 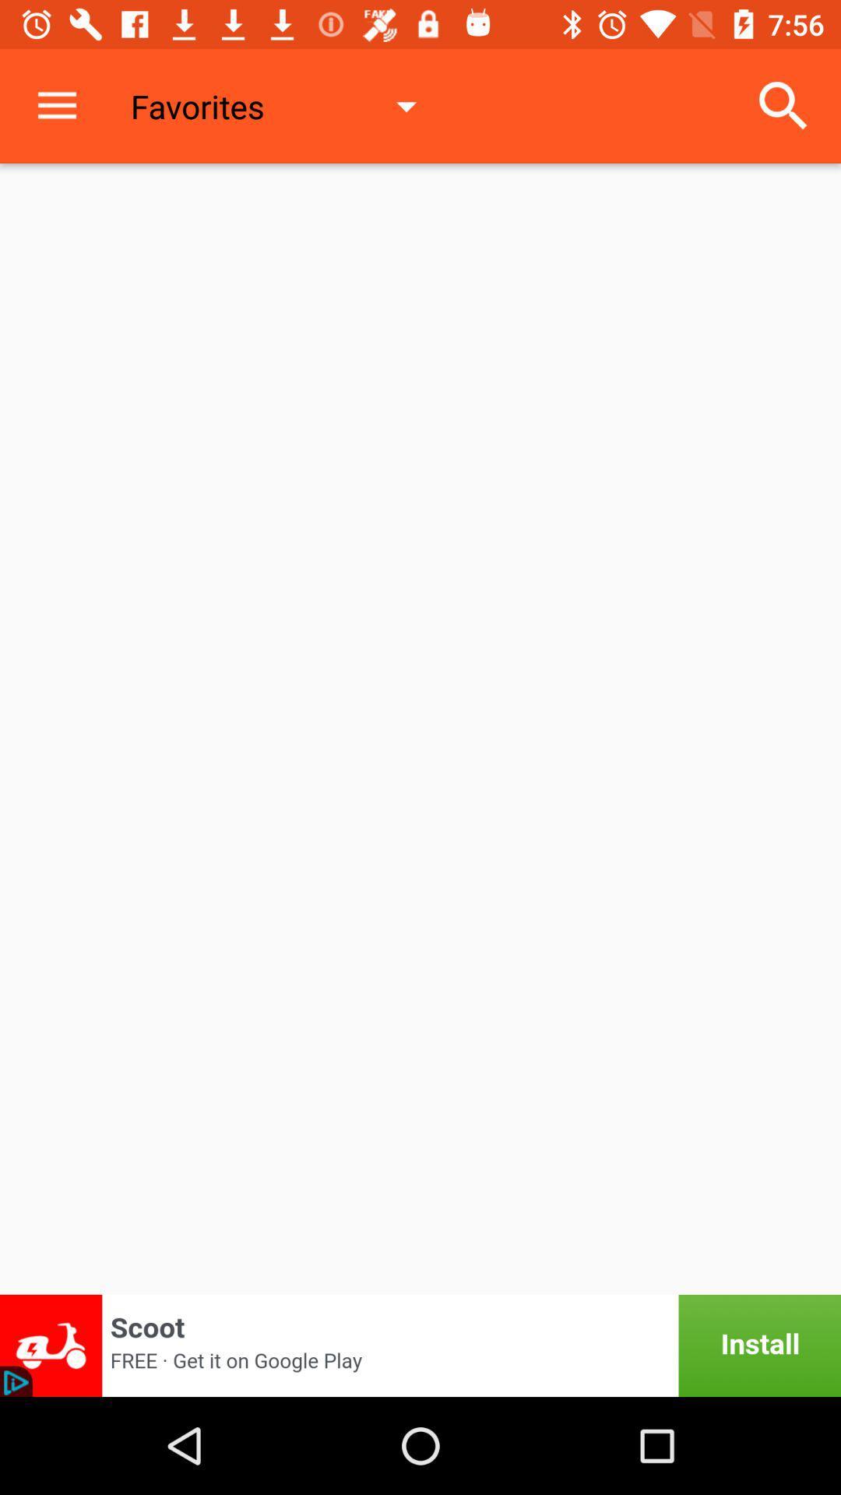 I want to click on click the advertisement, so click(x=420, y=1345).